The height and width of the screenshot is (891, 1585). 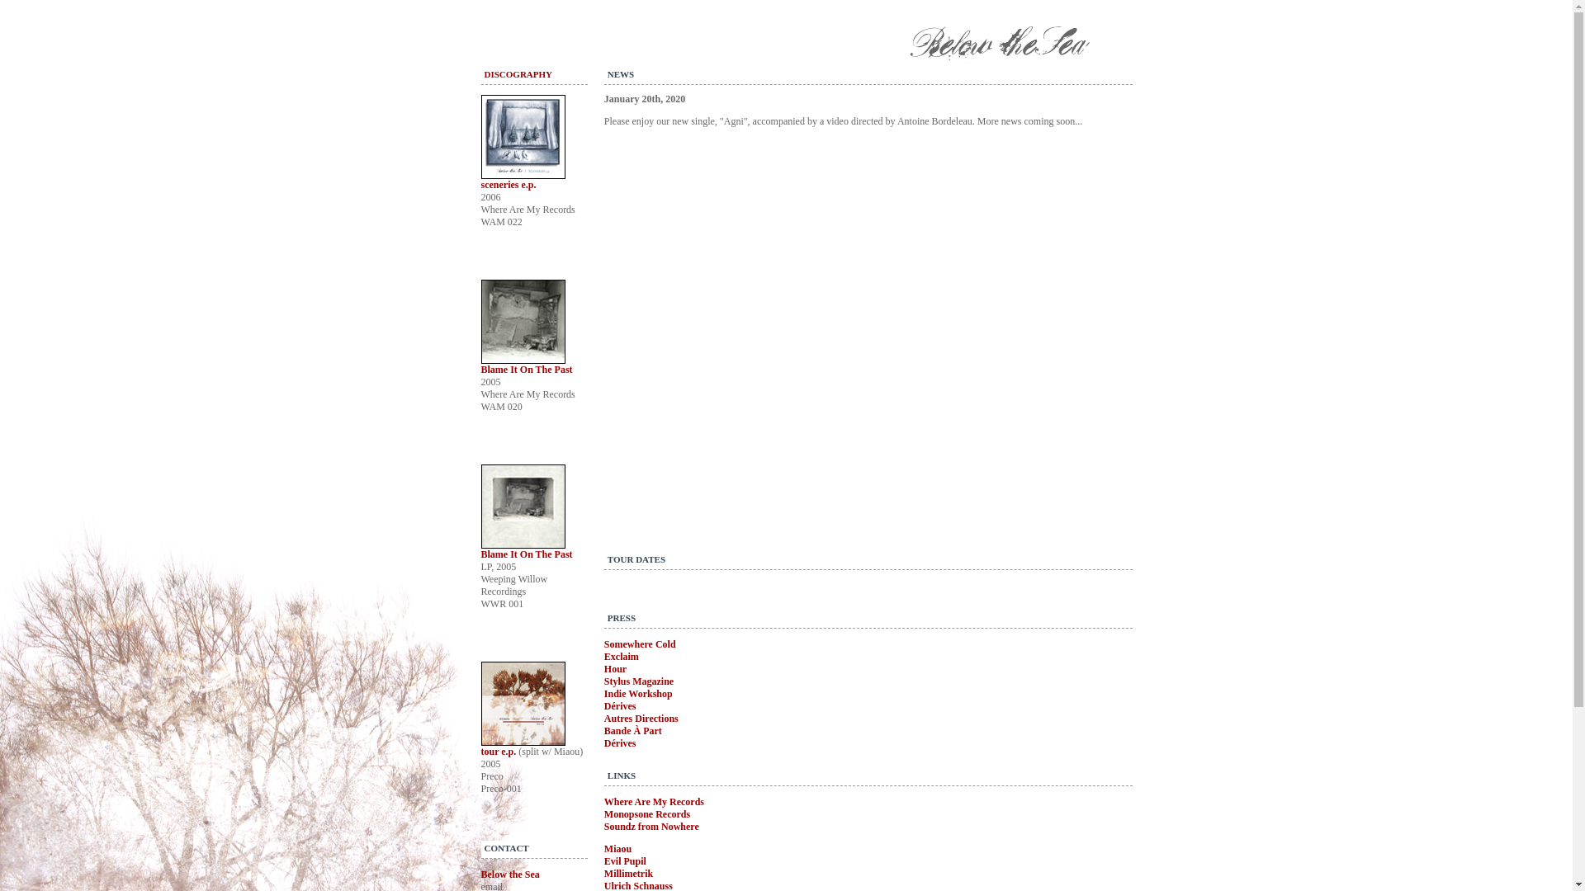 I want to click on 'Below the Sea', so click(x=509, y=874).